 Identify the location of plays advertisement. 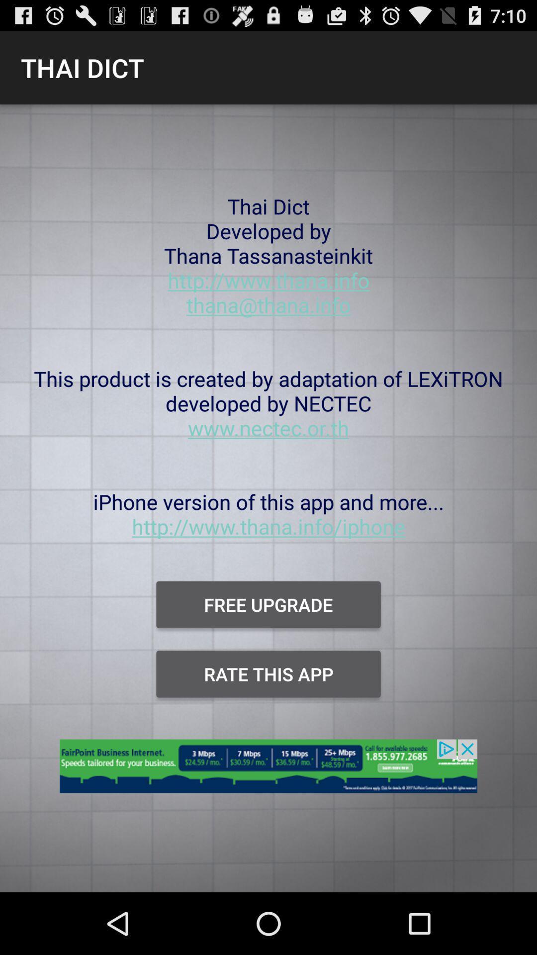
(268, 771).